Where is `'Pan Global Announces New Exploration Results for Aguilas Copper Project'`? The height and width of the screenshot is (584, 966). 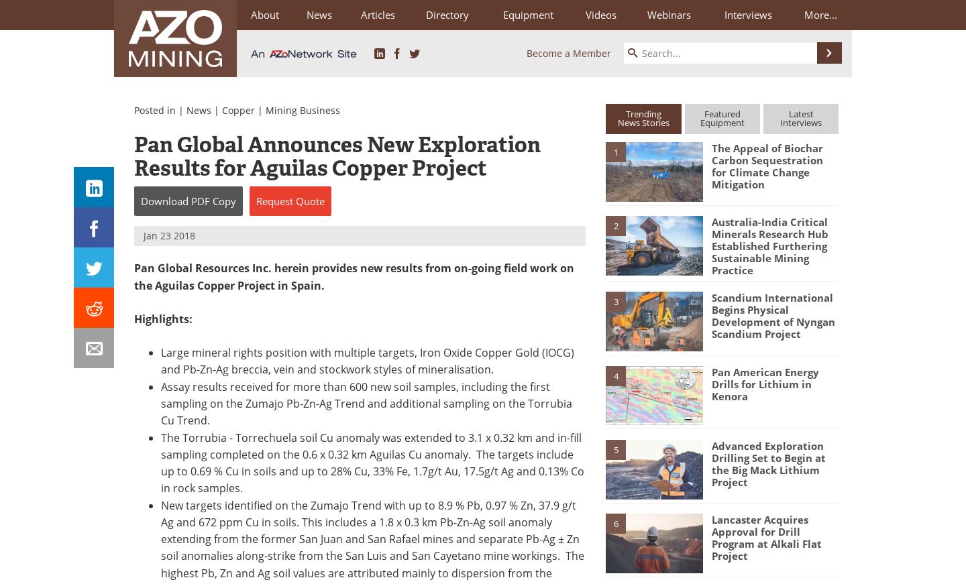
'Pan Global Announces New Exploration Results for Aguilas Copper Project' is located at coordinates (336, 156).